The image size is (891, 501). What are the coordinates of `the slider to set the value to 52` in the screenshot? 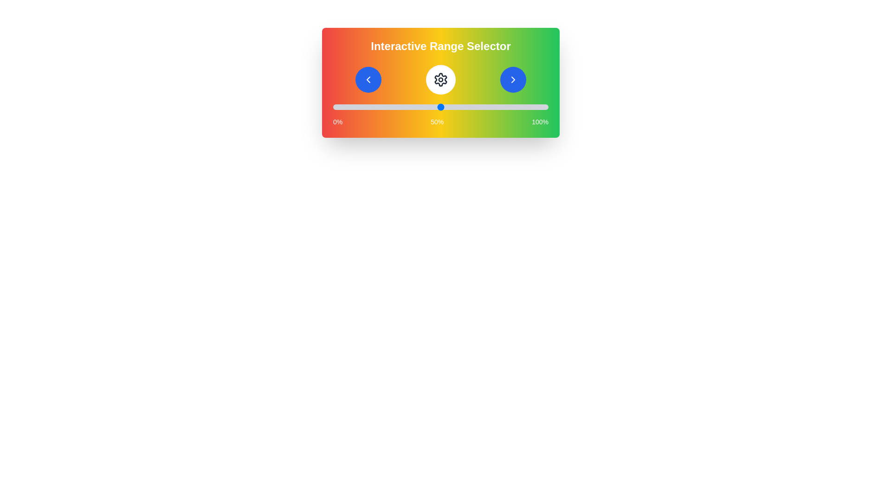 It's located at (445, 107).